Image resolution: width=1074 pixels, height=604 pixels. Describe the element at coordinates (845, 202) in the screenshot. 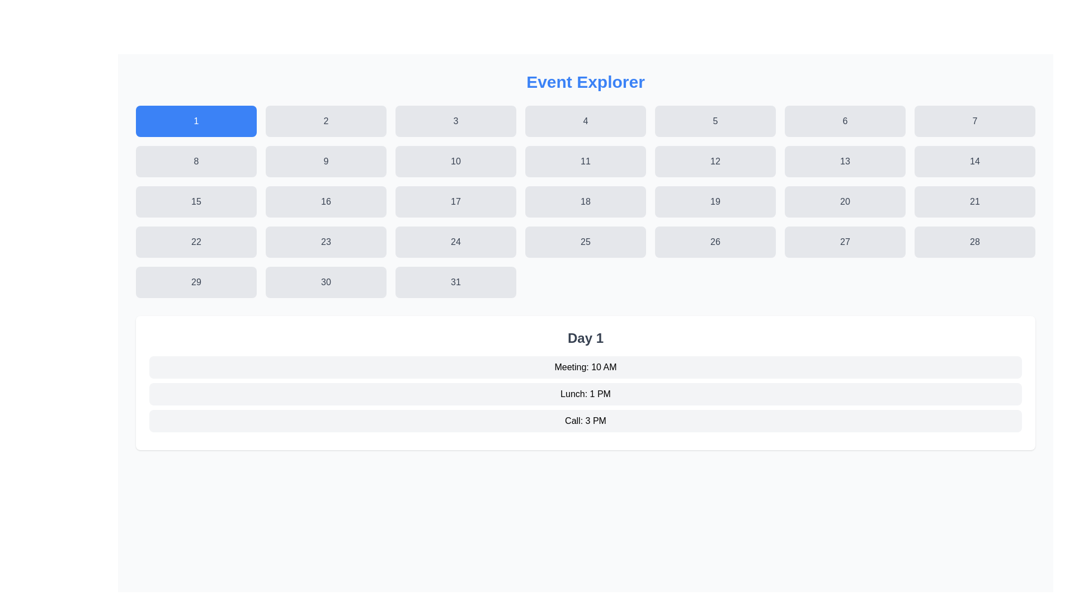

I see `the button with the number '20' in dark gray text, which is a rounded rectangle with a light gray background, located in the fourth row and sixth column of the grid layout` at that location.